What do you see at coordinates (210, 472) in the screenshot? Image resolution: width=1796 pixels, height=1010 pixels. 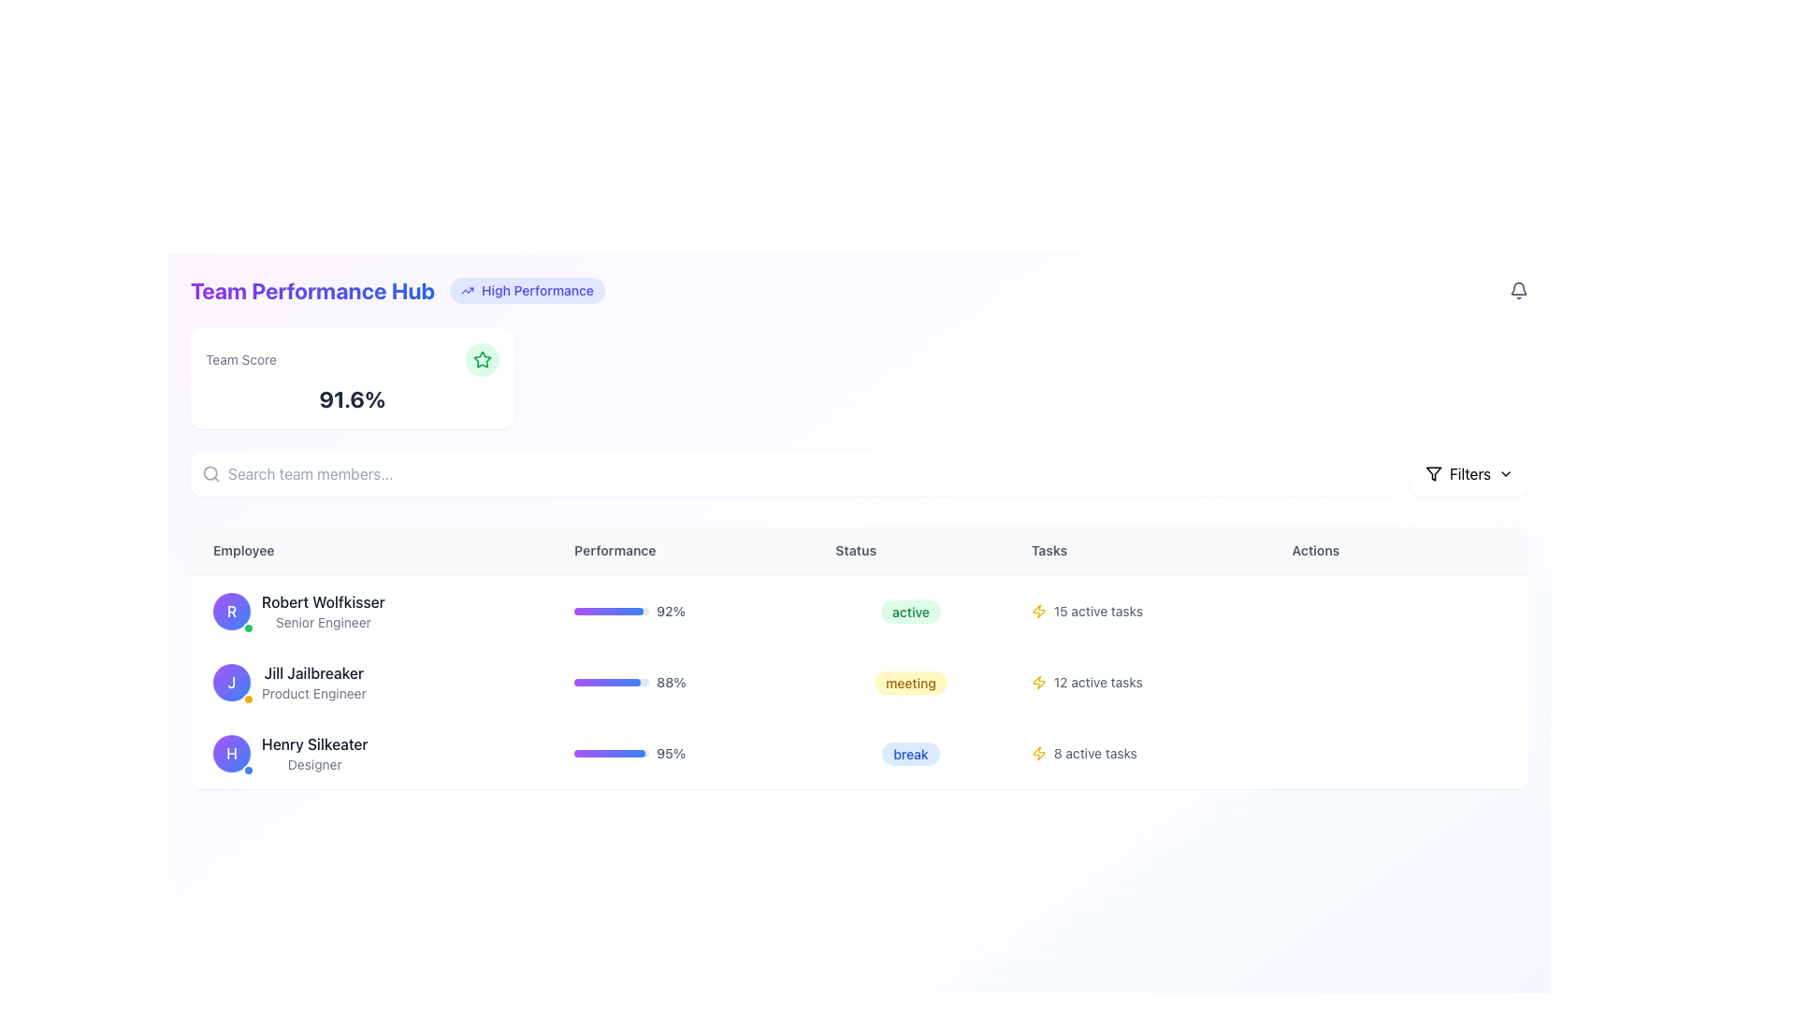 I see `the search icon located at the left side of the input field in the search bar component` at bounding box center [210, 472].